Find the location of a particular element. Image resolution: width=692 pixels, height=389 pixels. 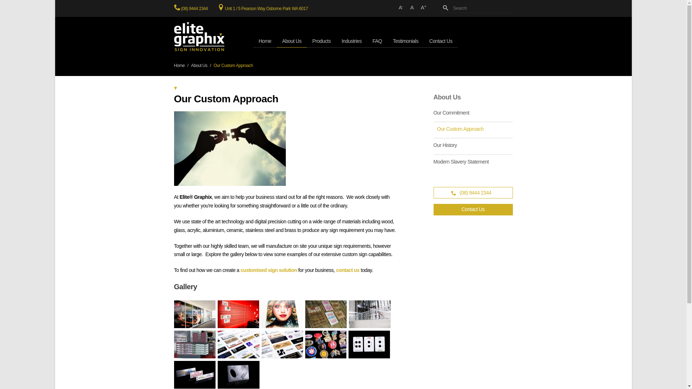

'Home' is located at coordinates (179, 66).